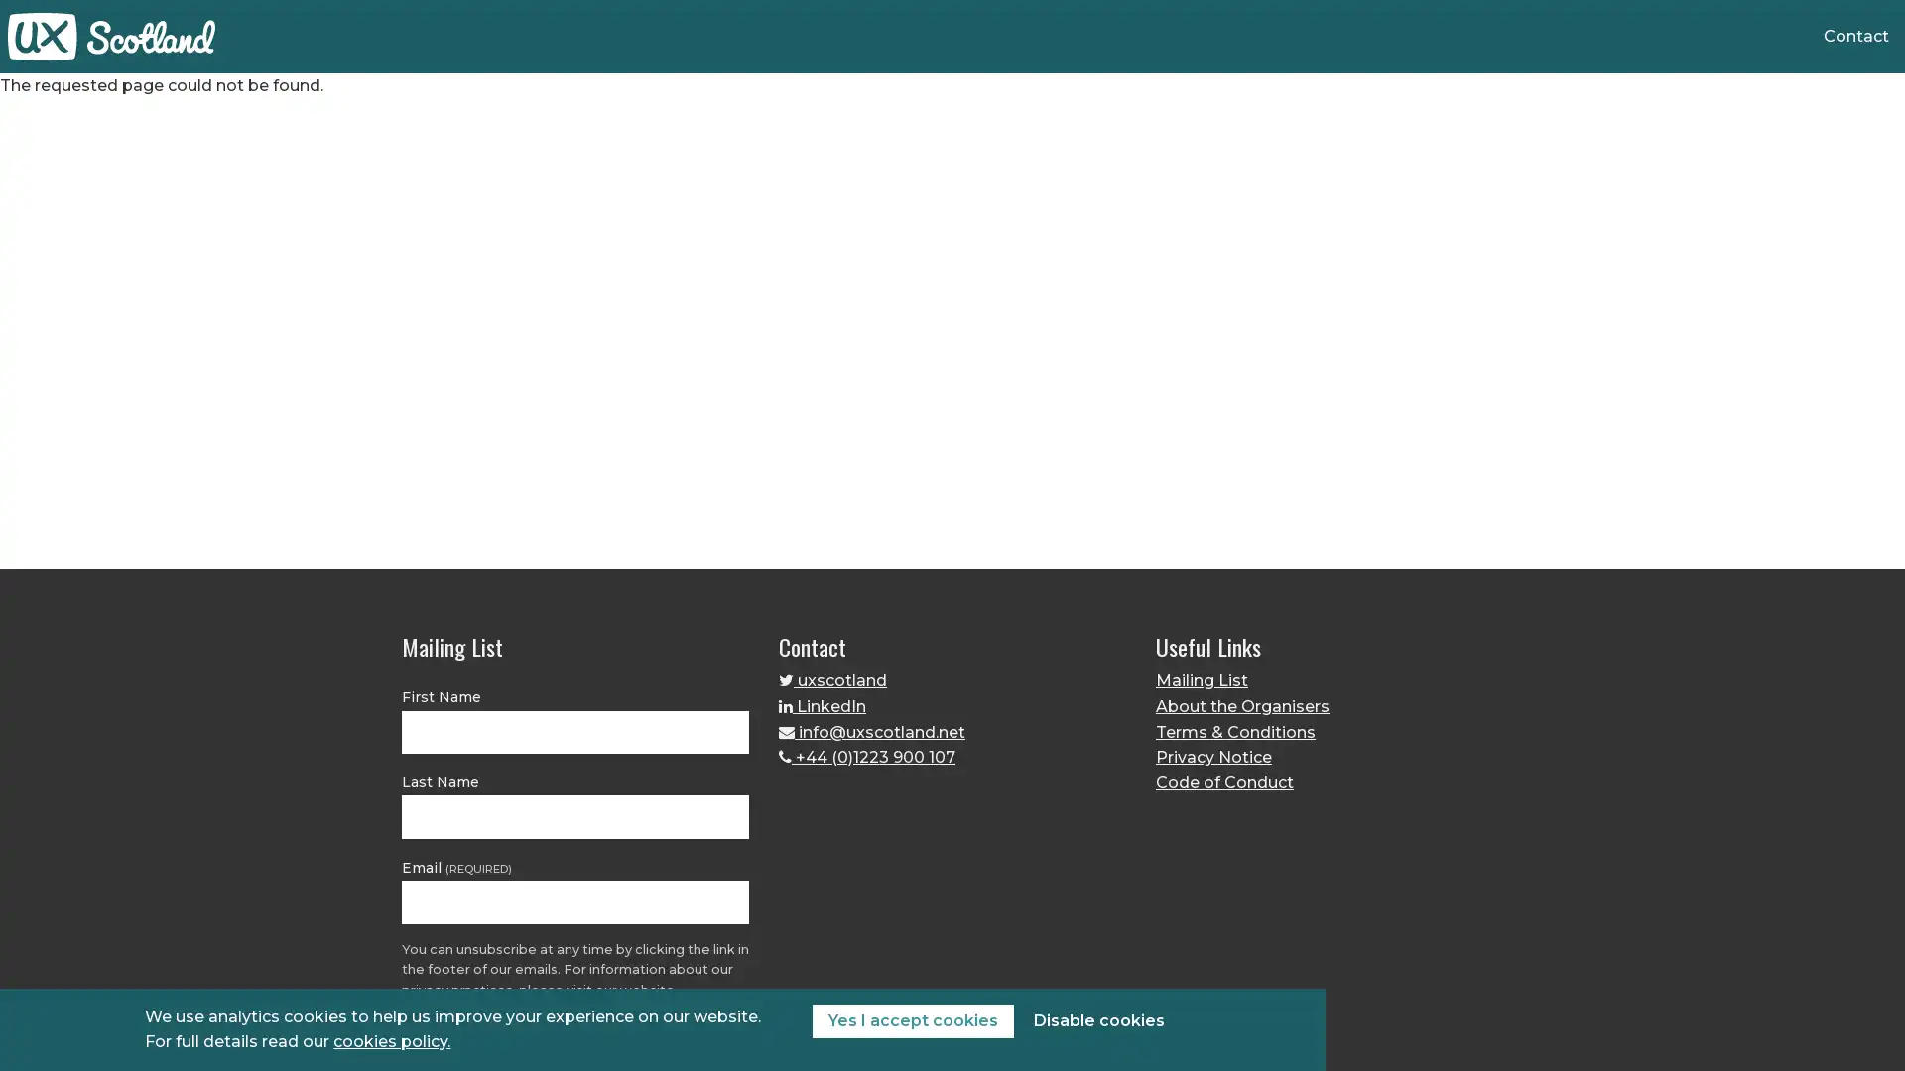 The width and height of the screenshot is (1905, 1071). I want to click on Yes I accept cookies, so click(911, 1020).